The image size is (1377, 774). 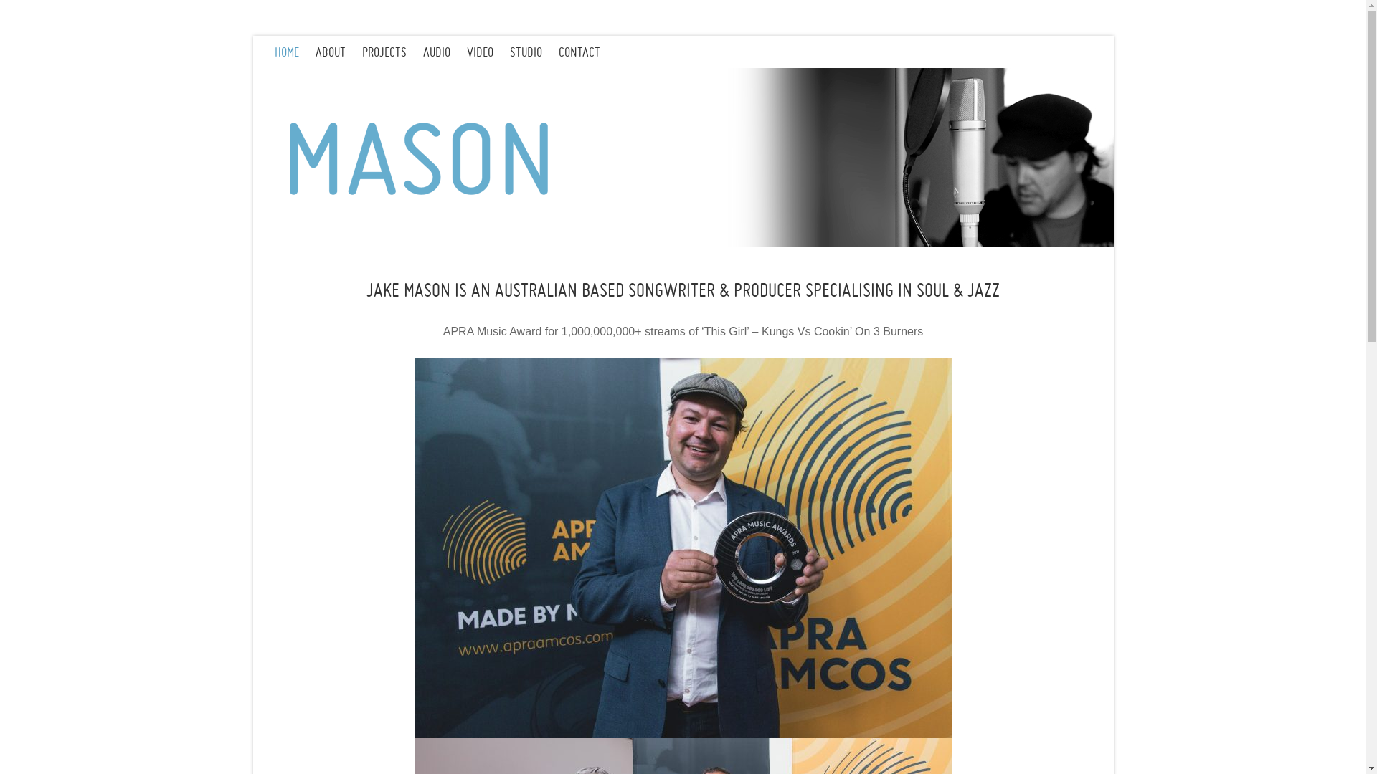 What do you see at coordinates (587, 51) in the screenshot?
I see `'CONTACT'` at bounding box center [587, 51].